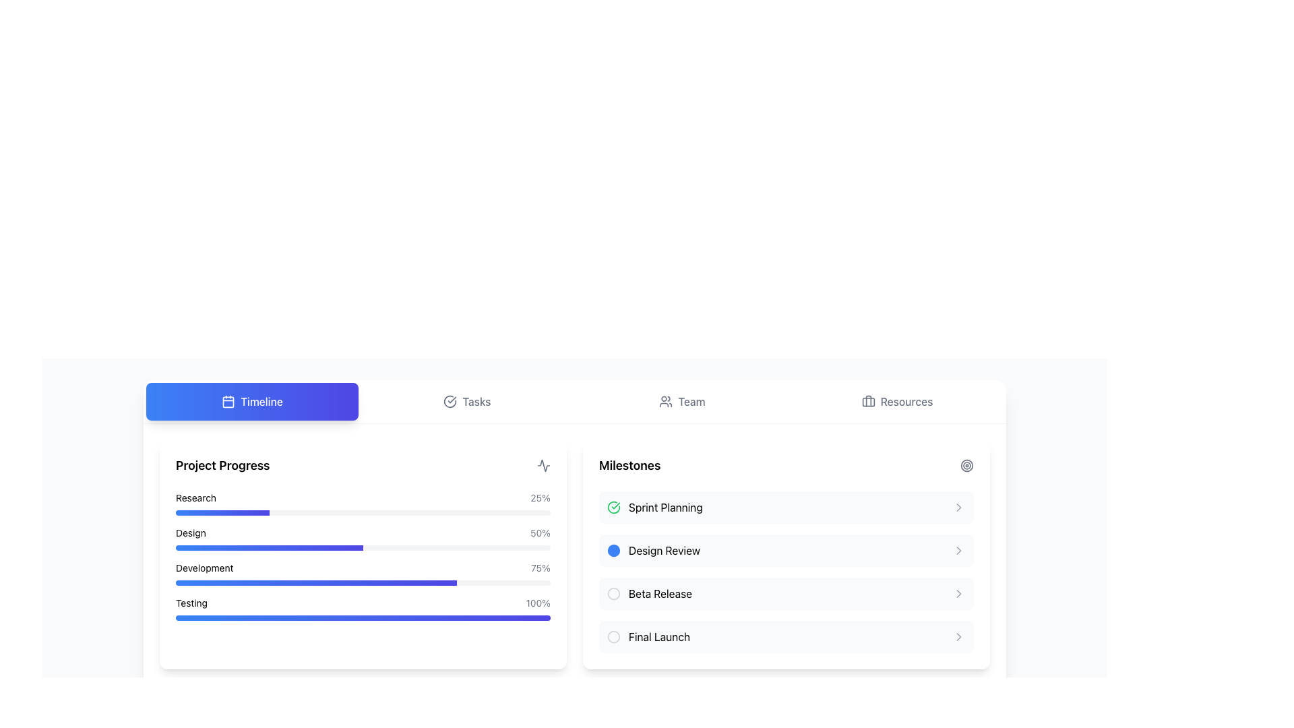 The image size is (1294, 728). I want to click on the SVG icon located in the 'Project Progress' section, positioned to the right of the text 'Project Progress', so click(543, 464).